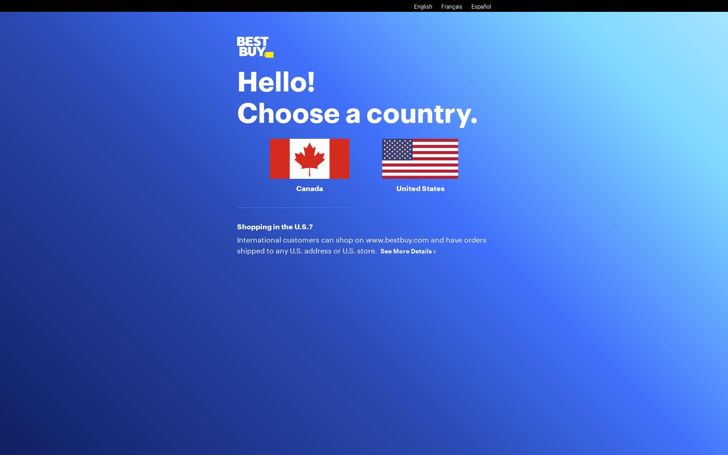 The width and height of the screenshot is (728, 455). What do you see at coordinates (481, 6) in the screenshot?
I see `'Español'` at bounding box center [481, 6].